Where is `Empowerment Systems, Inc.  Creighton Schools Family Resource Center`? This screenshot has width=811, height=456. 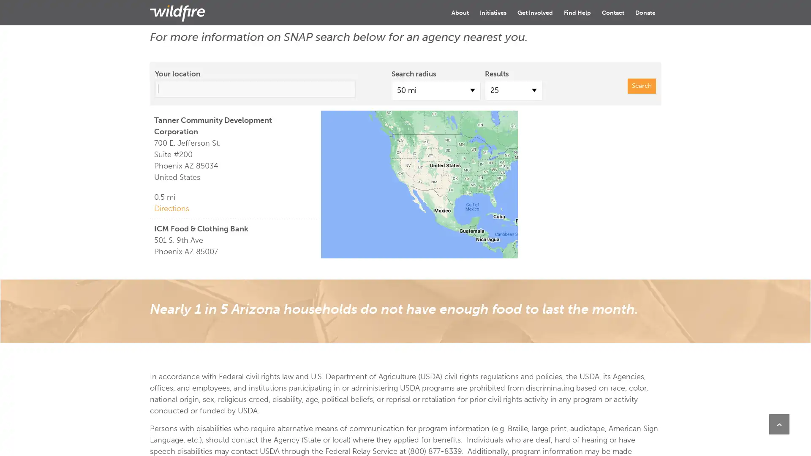 Empowerment Systems, Inc.  Creighton Schools Family Resource Center is located at coordinates (503, 165).